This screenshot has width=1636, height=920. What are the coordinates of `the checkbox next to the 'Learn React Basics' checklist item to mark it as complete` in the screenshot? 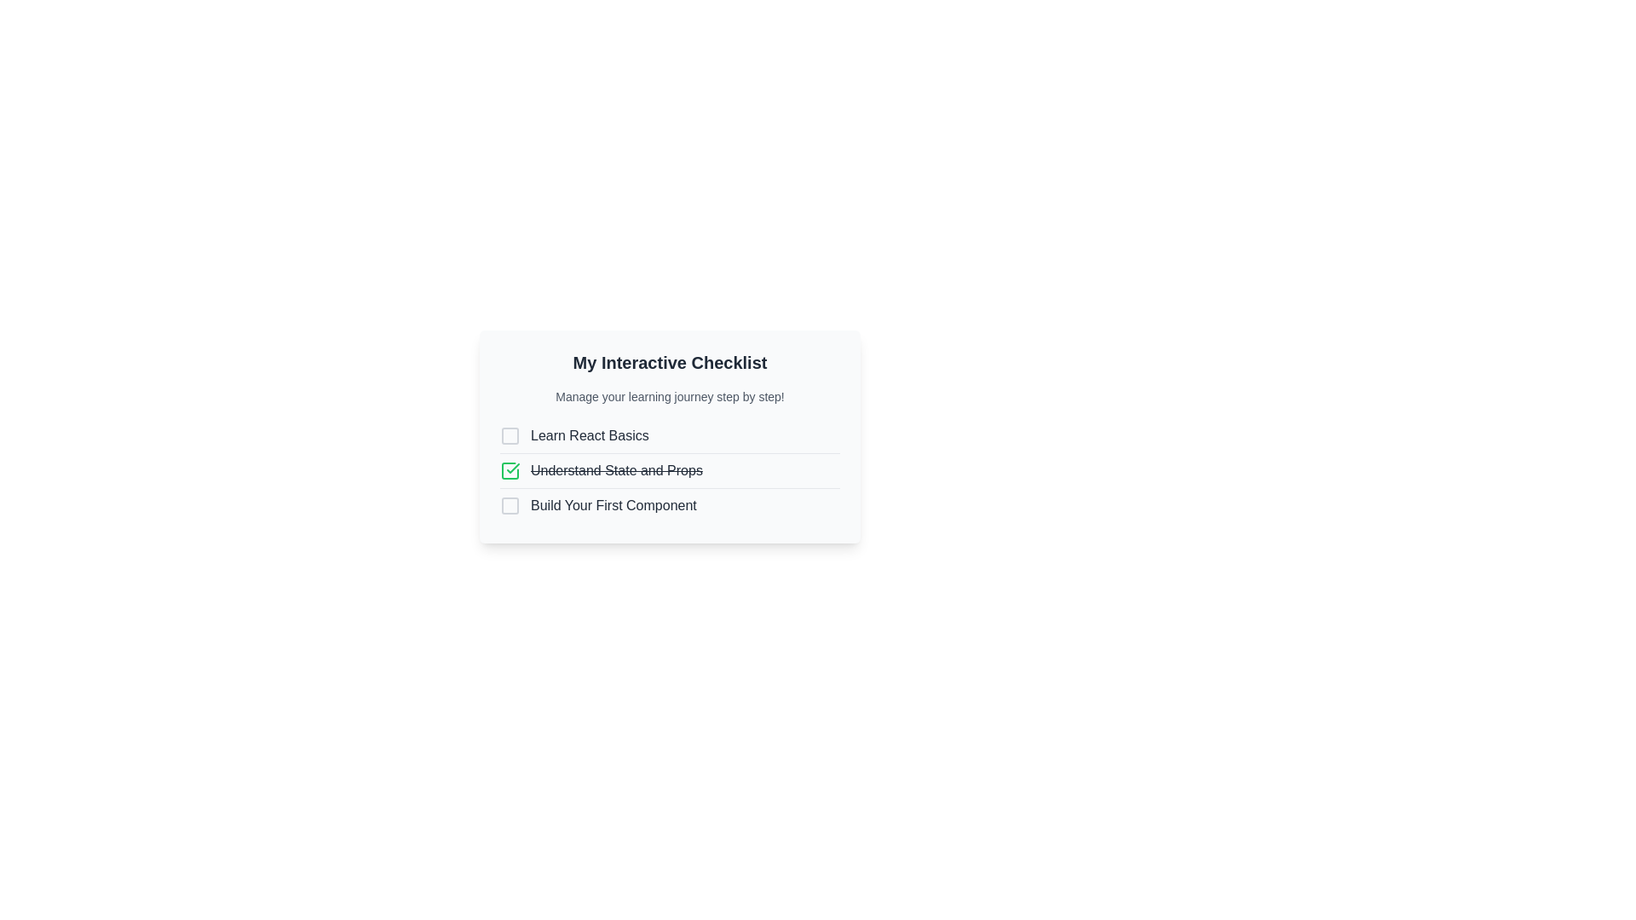 It's located at (669, 435).